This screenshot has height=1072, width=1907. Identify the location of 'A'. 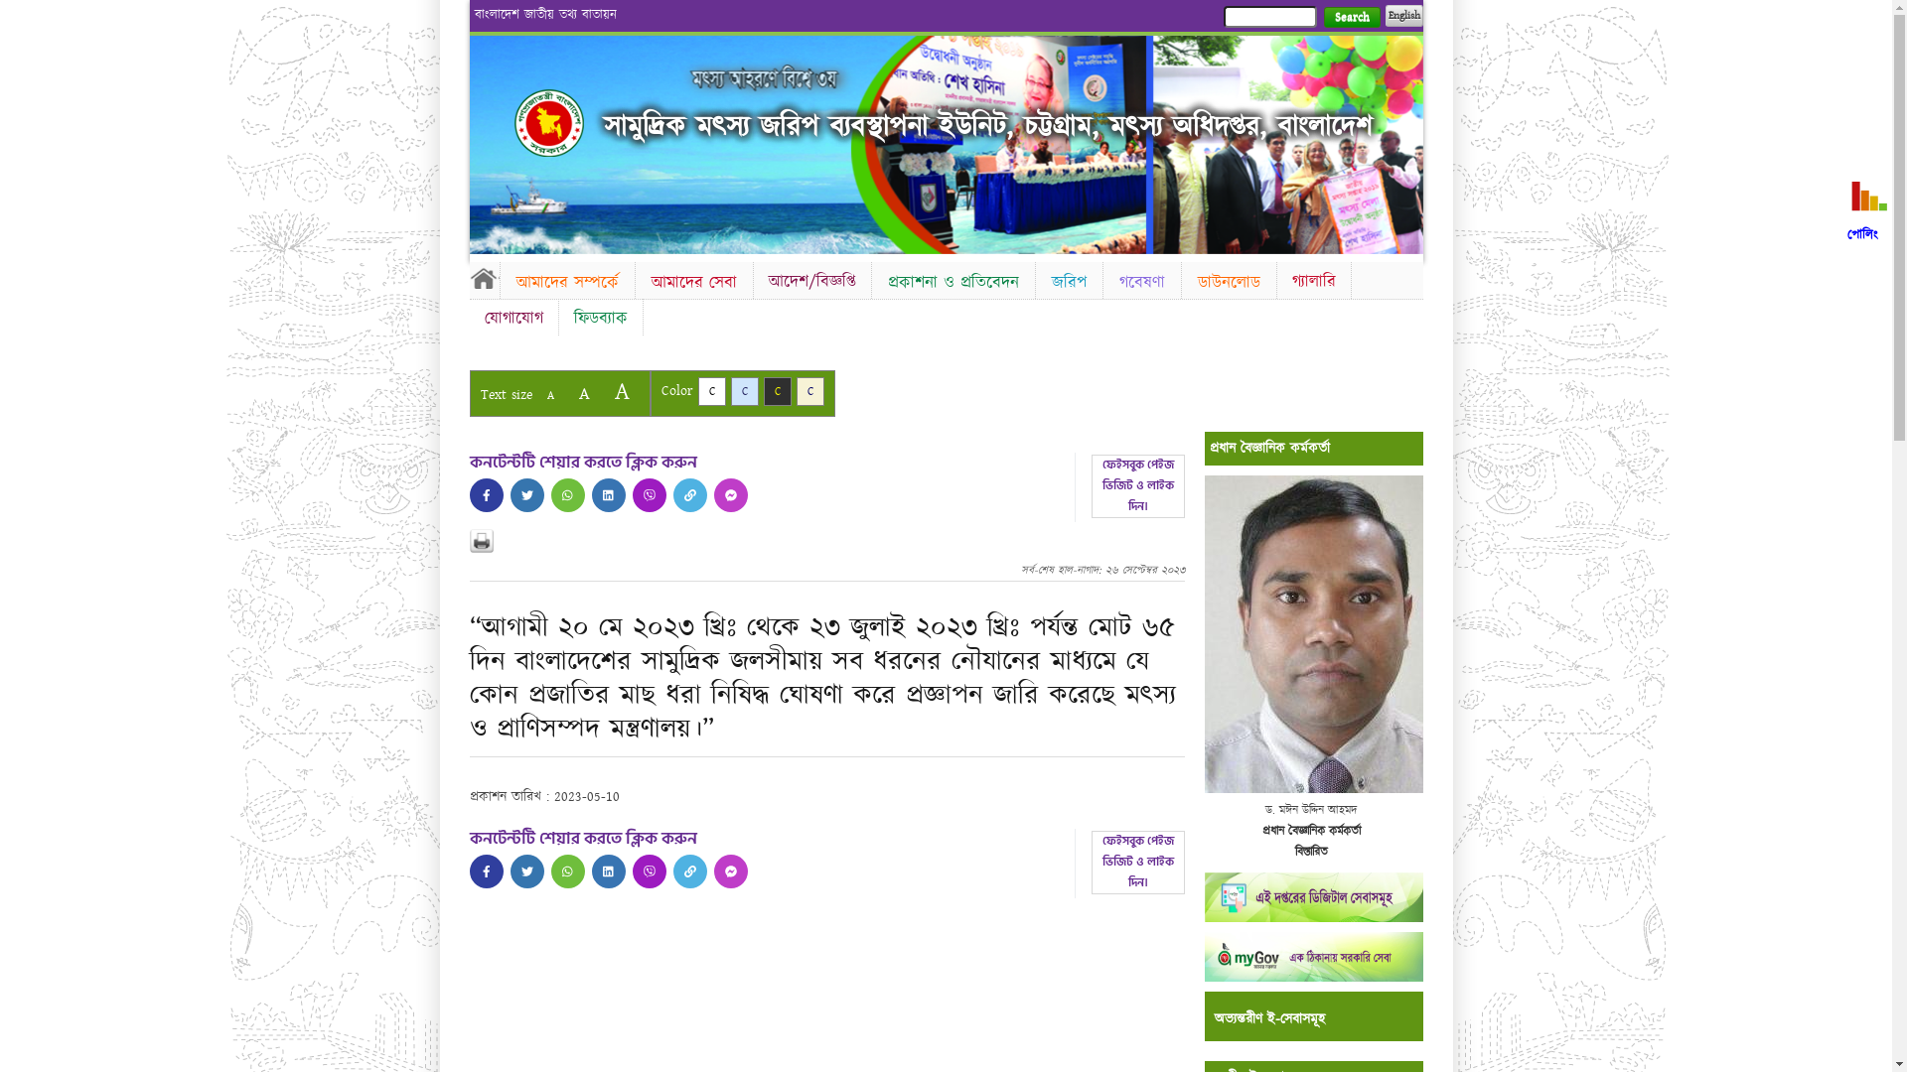
(549, 395).